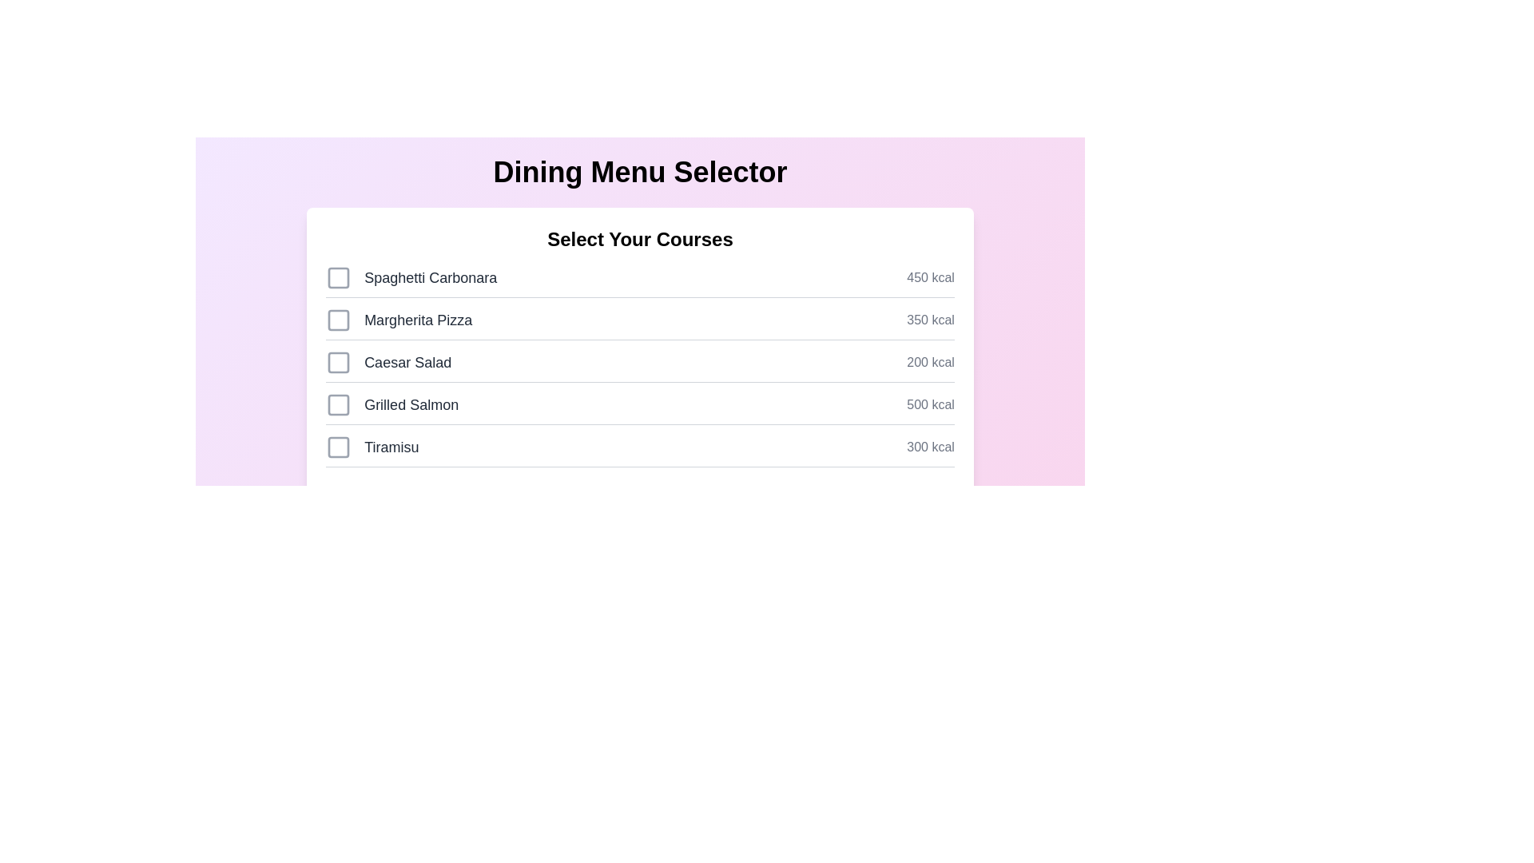 This screenshot has height=863, width=1534. I want to click on the checkbox for the dish Margherita Pizza, so click(338, 320).